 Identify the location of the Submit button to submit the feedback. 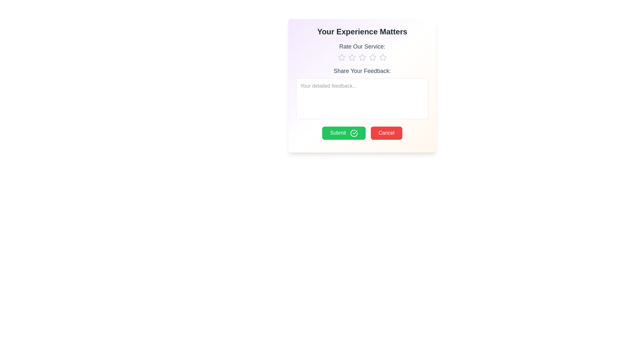
(343, 133).